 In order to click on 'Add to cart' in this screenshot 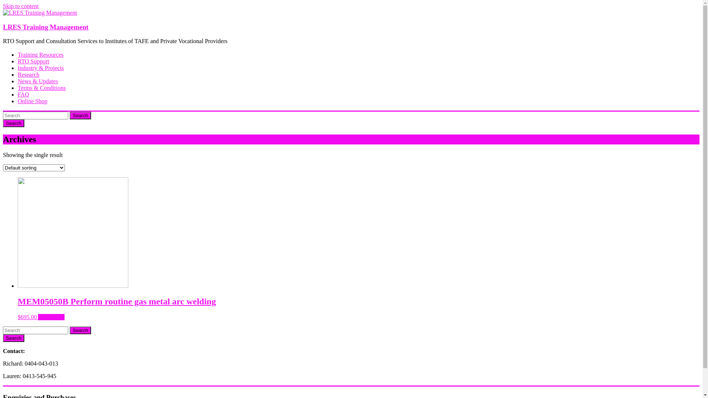, I will do `click(51, 317)`.